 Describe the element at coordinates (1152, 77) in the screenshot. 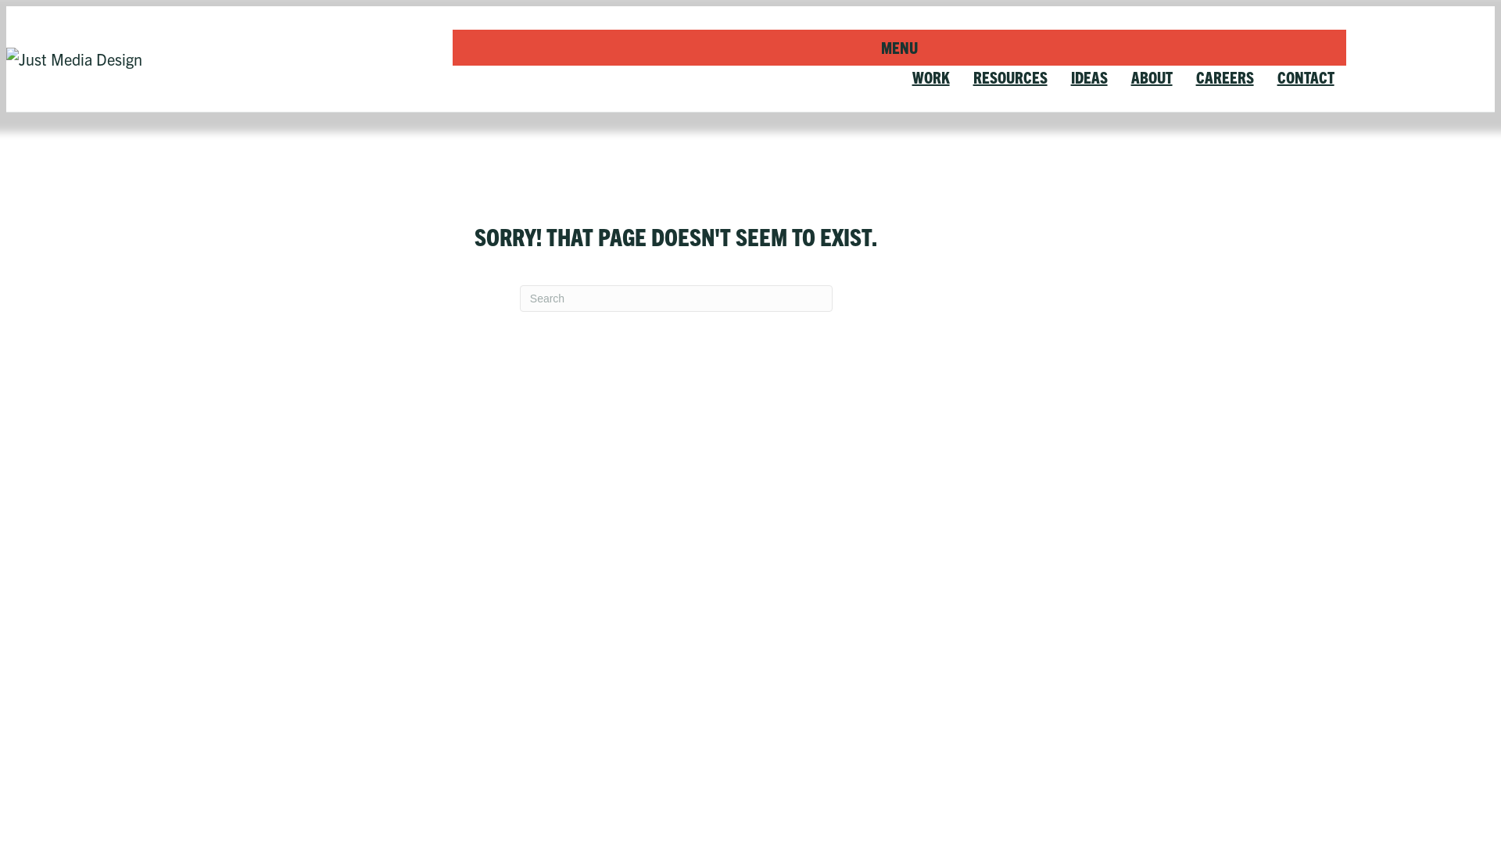

I see `'ABOUT'` at that location.